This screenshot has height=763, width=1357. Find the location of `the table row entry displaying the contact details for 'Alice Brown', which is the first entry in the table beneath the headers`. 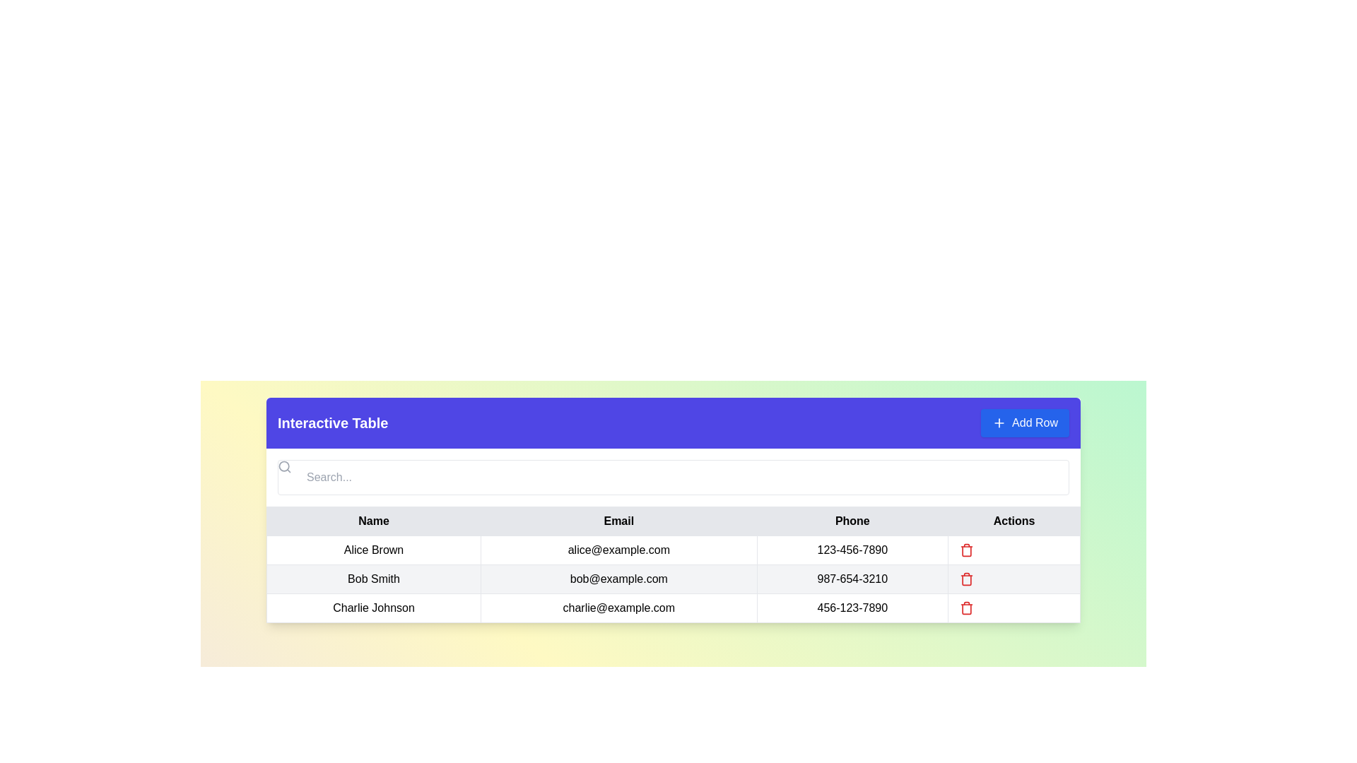

the table row entry displaying the contact details for 'Alice Brown', which is the first entry in the table beneath the headers is located at coordinates (673, 550).